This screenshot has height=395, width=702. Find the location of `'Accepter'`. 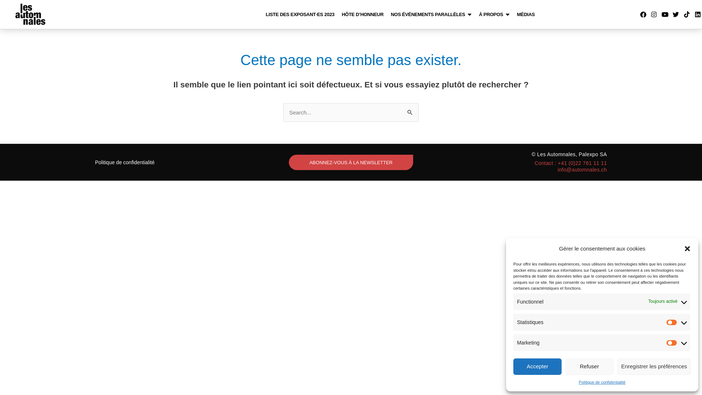

'Accepter' is located at coordinates (513, 366).